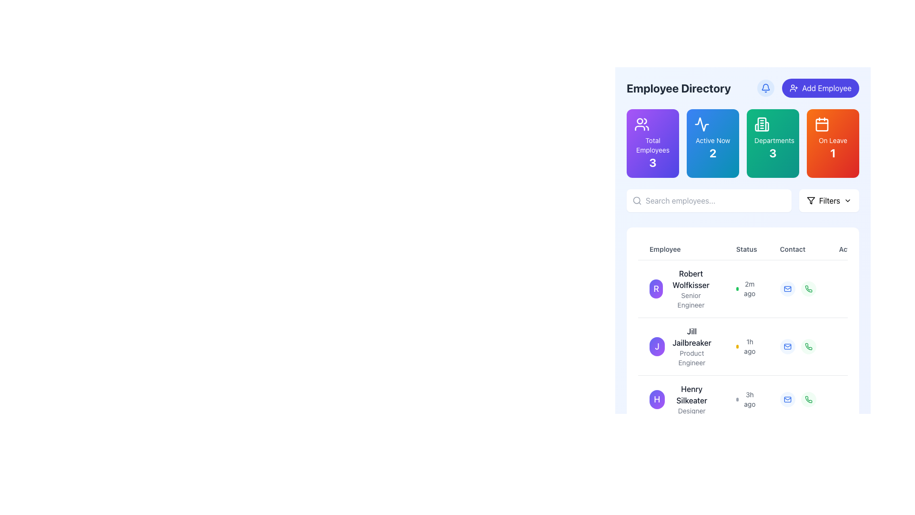 The height and width of the screenshot is (515, 915). I want to click on the icon within the 'Add Employee' button, which is positioned near the top-right corner and serves as a visual indicator for adding a new entry, so click(794, 88).